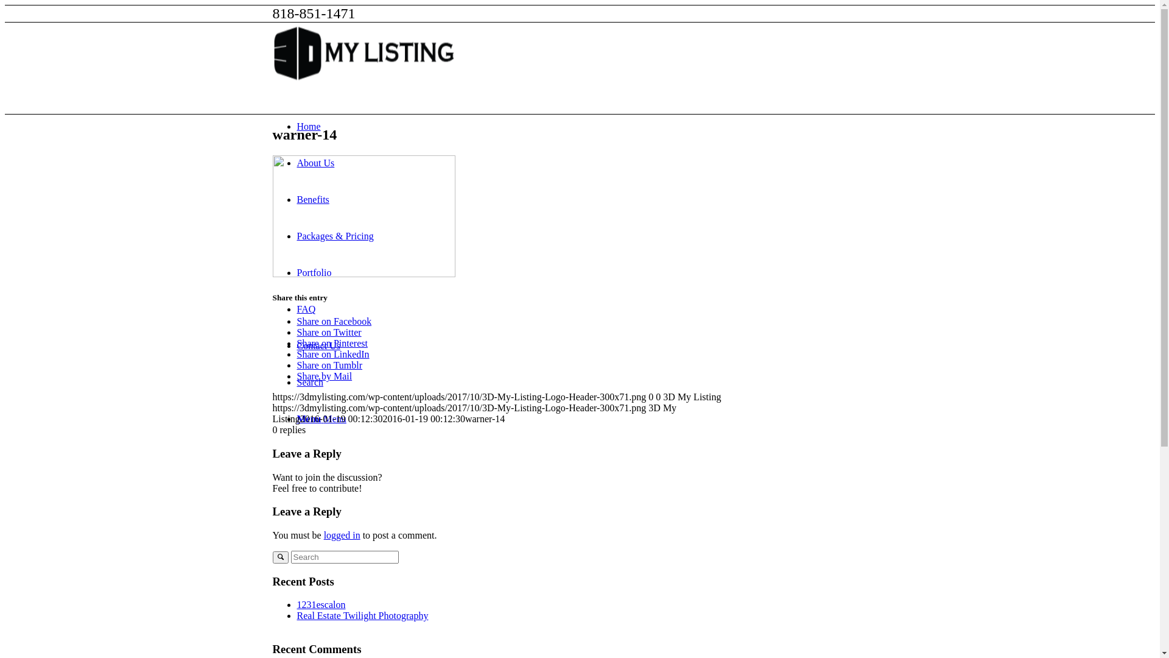  Describe the element at coordinates (306, 308) in the screenshot. I see `'FAQ'` at that location.